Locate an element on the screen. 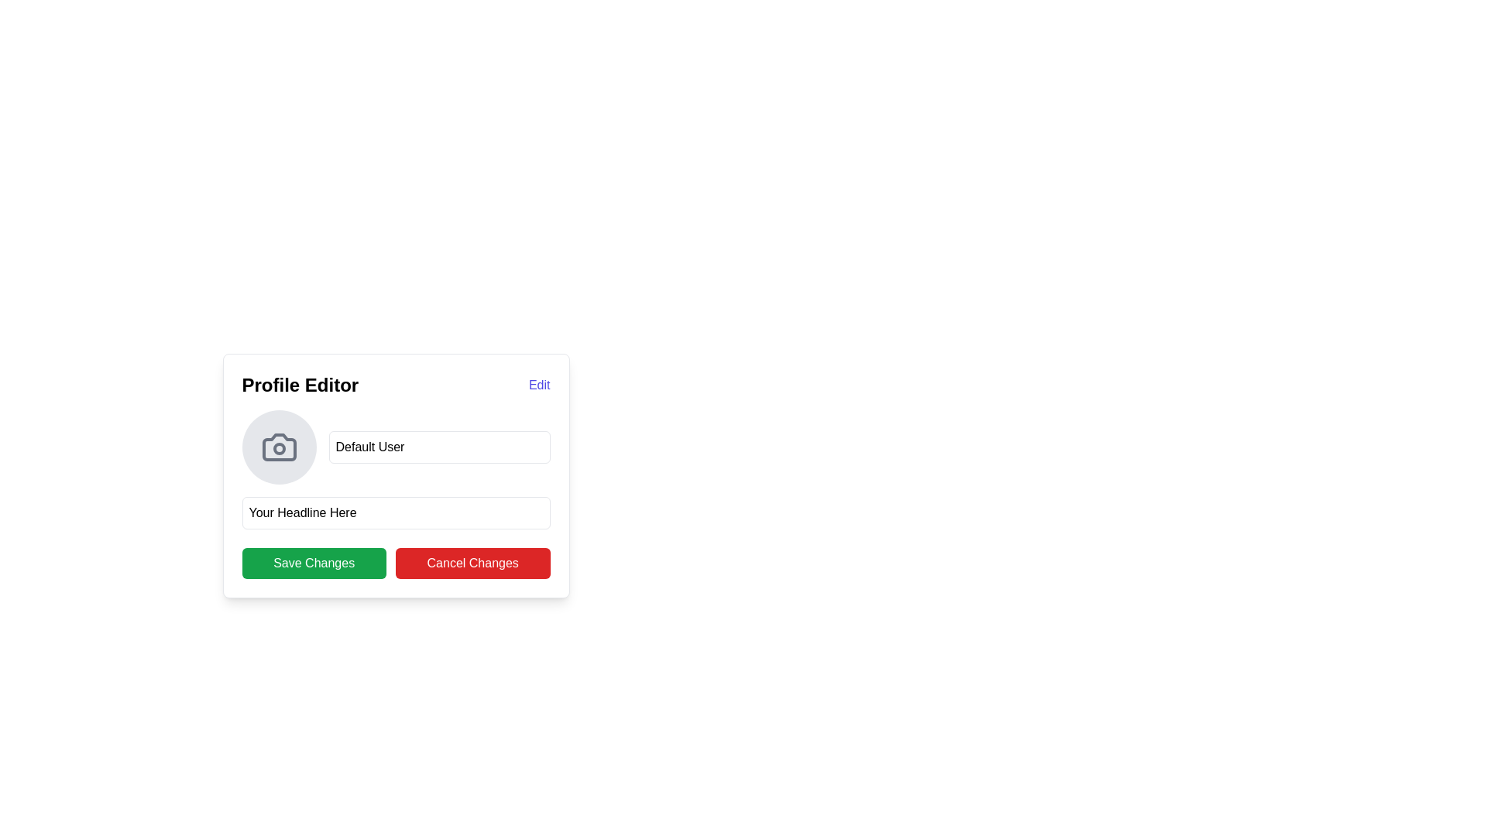  the 'Cancel Changes' button, which is a rectangular button with a red background and white text, located immediately to the right of the 'Save Changes' button in the profile editor interface is located at coordinates (472, 564).